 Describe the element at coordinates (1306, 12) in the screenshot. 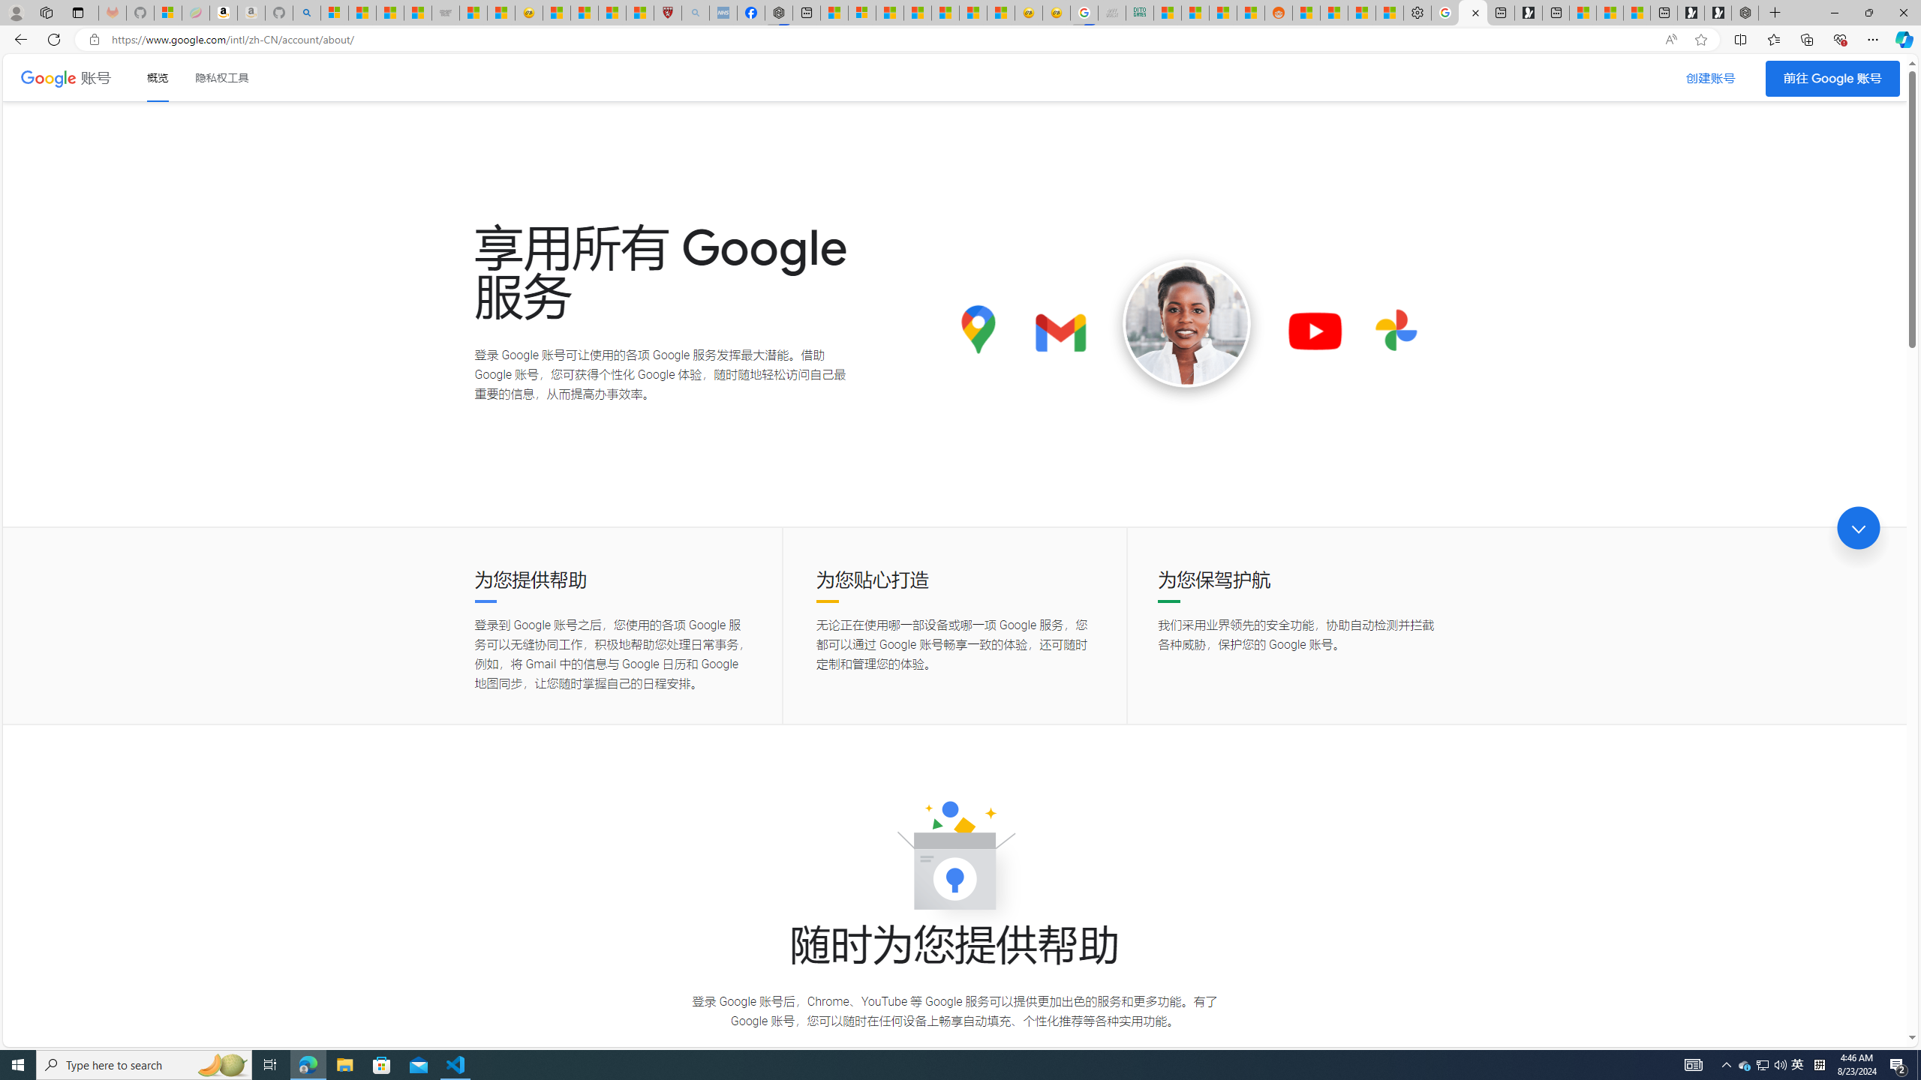

I see `'R******* | Trusted Community Engagement and Contributions'` at that location.